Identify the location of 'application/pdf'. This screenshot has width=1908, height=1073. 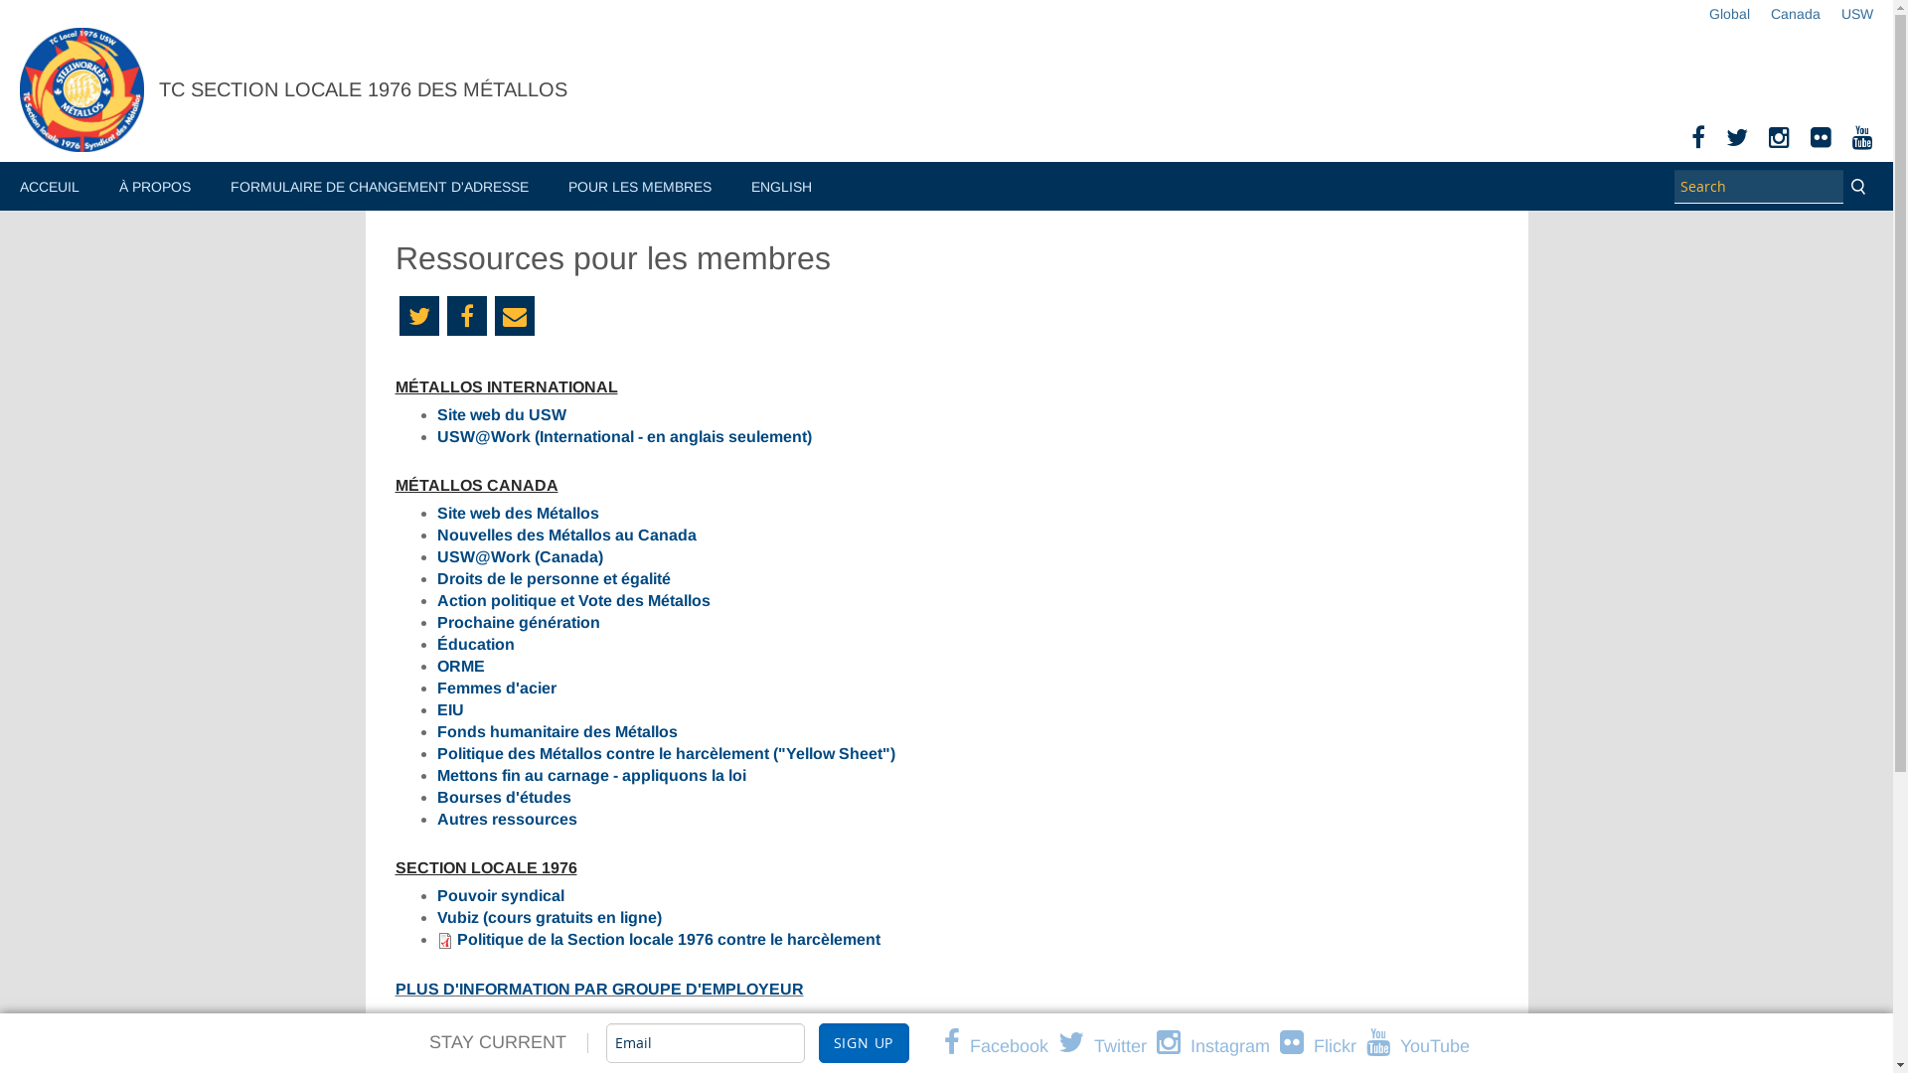
(436, 940).